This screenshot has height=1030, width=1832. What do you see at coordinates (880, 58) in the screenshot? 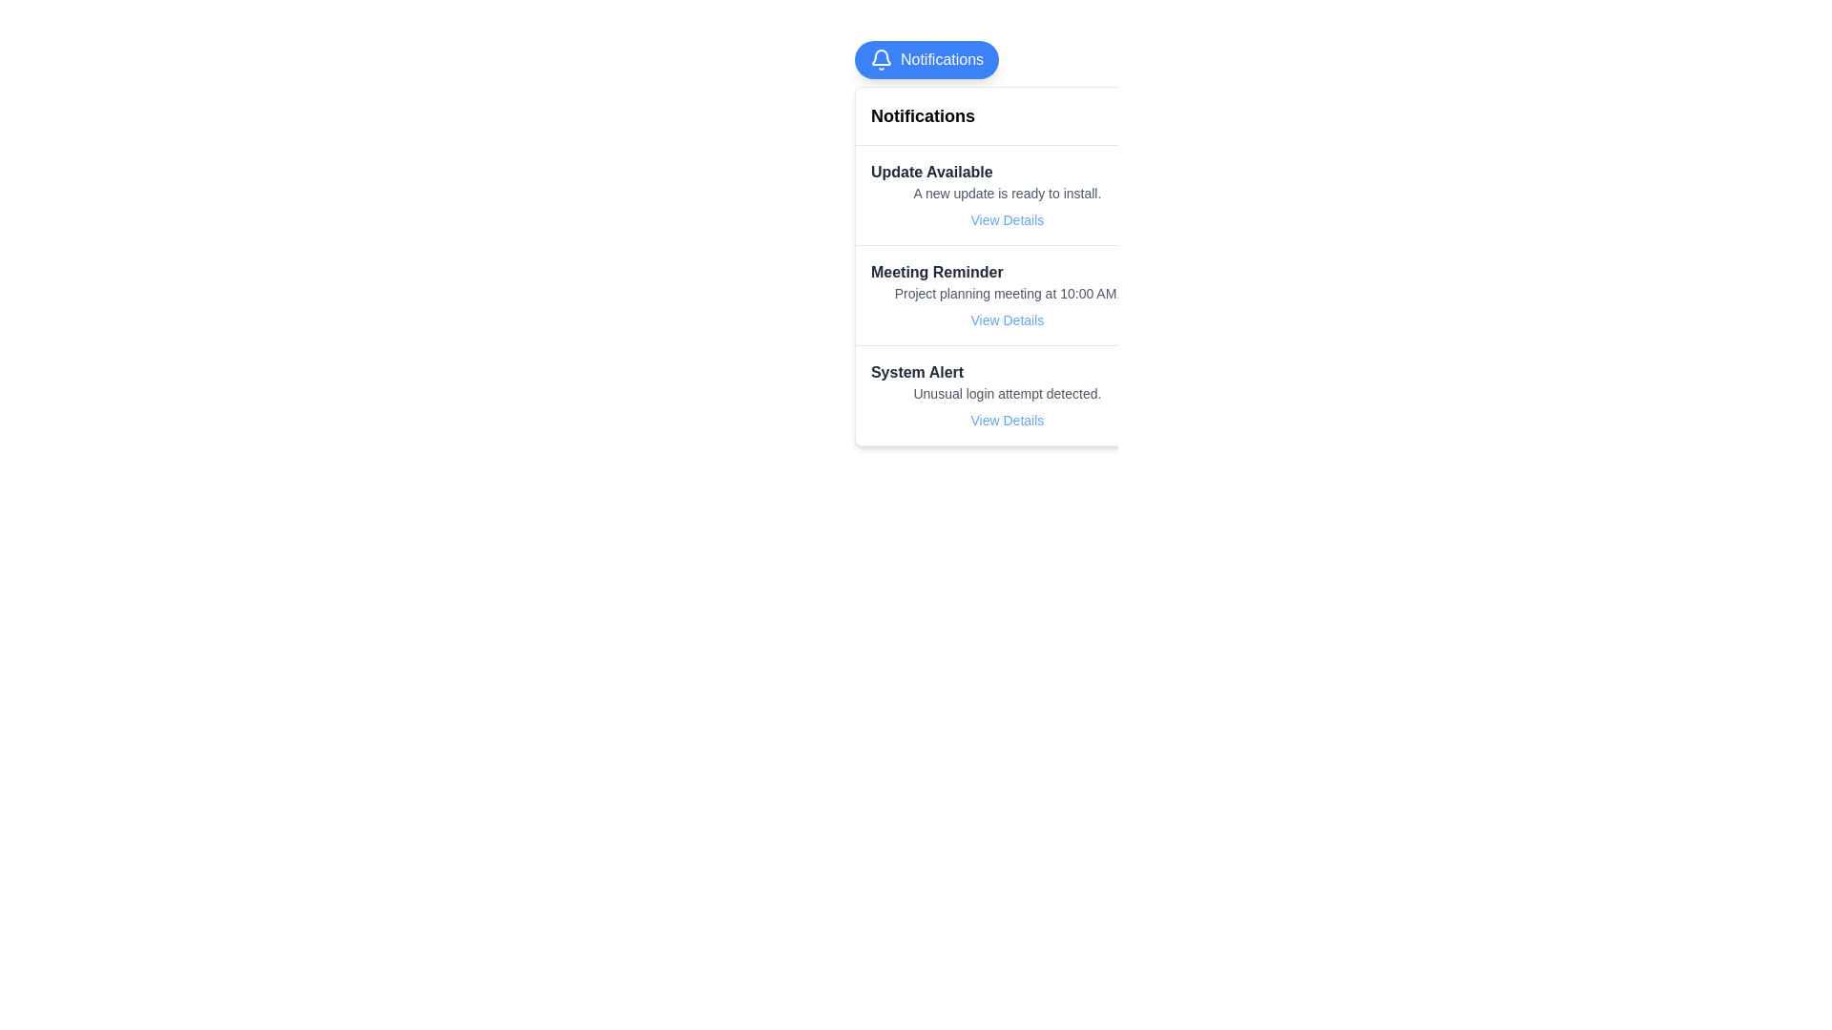
I see `the notifications icon, which is a white bell outlined in blue, located within the rounded button labeled 'Notifications' in the upper-left section of the interface` at bounding box center [880, 58].